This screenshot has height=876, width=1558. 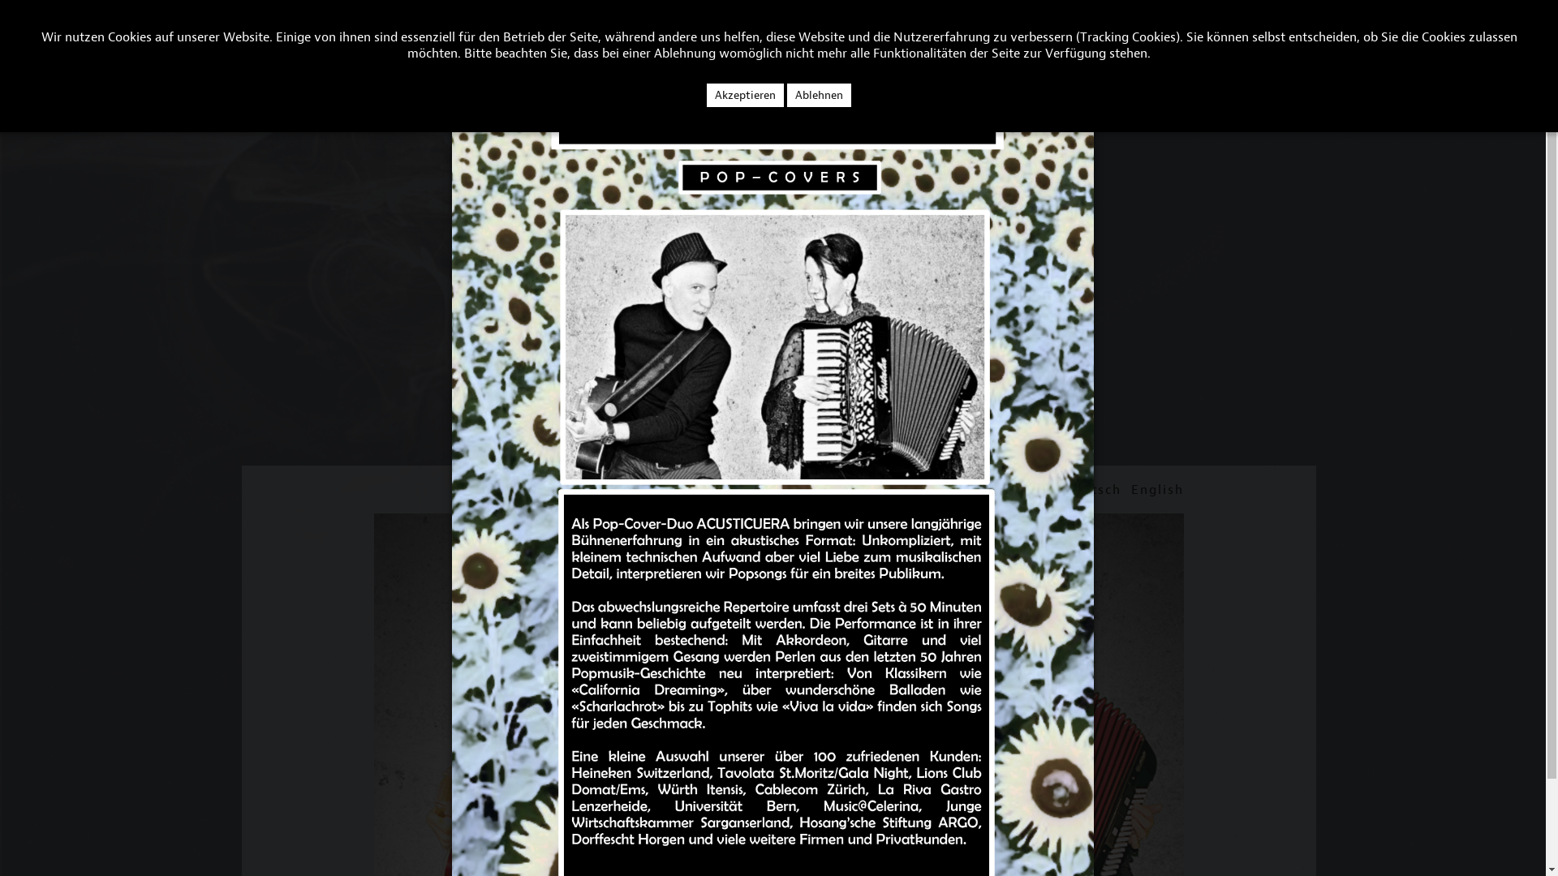 What do you see at coordinates (27, 45) in the screenshot?
I see `'ABOUT'` at bounding box center [27, 45].